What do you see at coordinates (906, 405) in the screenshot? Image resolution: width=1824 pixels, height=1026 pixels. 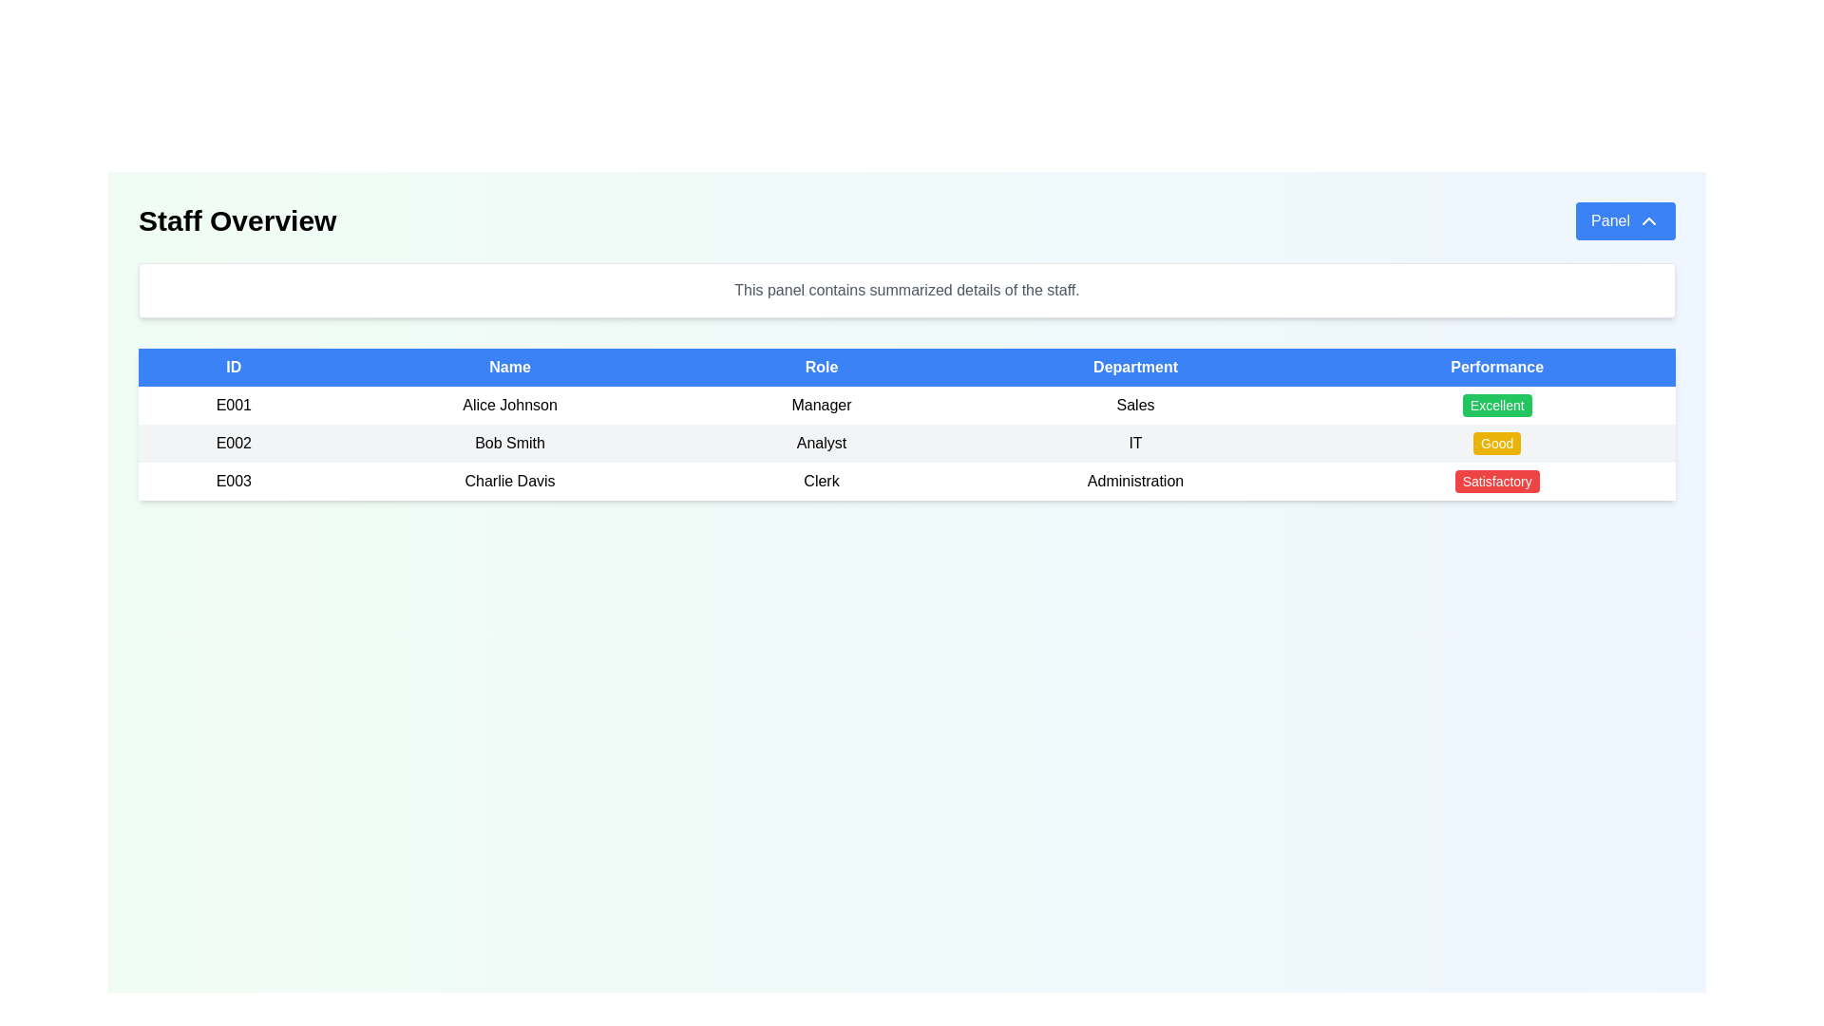 I see `summarized information displayed in the first row of the employee details table, which includes the employee's ID, name, role, department, and performance` at bounding box center [906, 405].